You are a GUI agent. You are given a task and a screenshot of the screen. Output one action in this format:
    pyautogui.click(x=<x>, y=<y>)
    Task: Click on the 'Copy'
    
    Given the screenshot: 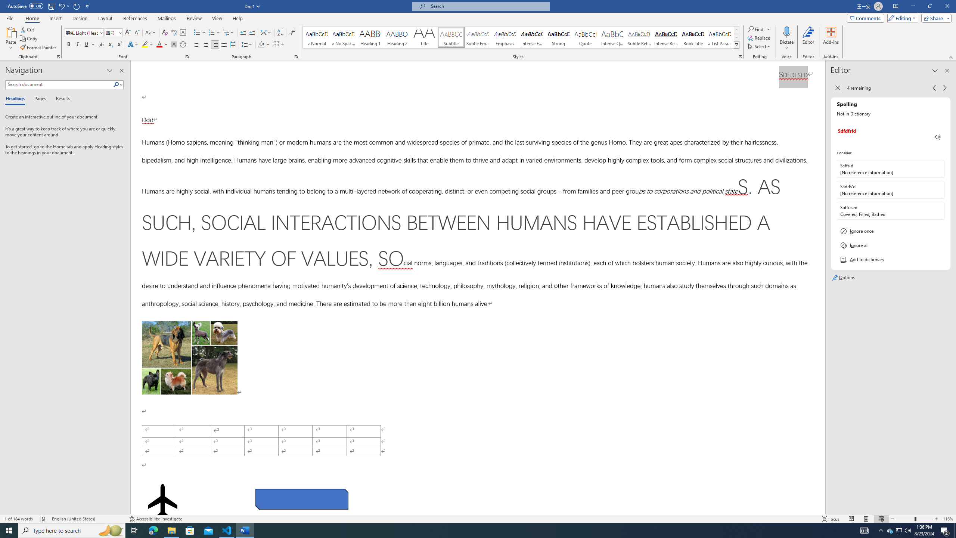 What is the action you would take?
    pyautogui.click(x=29, y=38)
    